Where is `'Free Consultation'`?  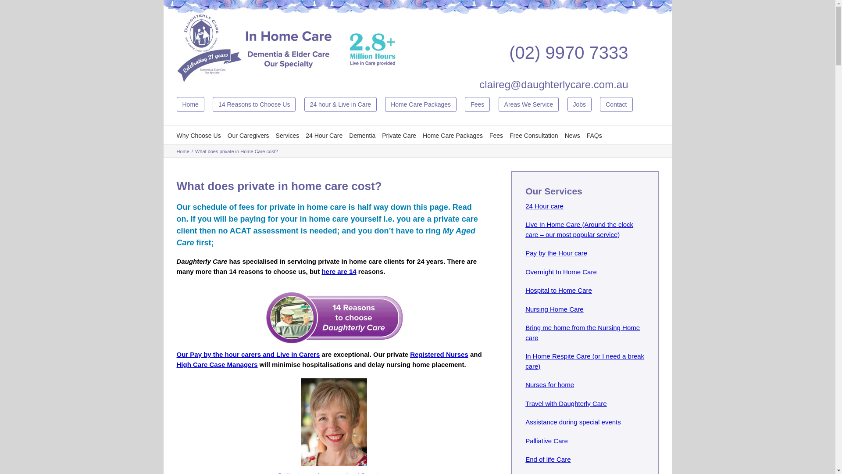 'Free Consultation' is located at coordinates (533, 135).